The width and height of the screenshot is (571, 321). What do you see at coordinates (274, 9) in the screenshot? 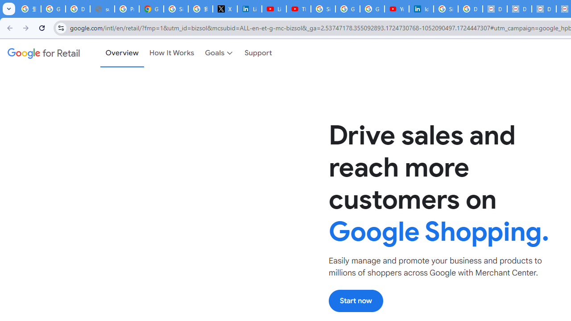
I see `'LinkedIn - YouTube'` at bounding box center [274, 9].